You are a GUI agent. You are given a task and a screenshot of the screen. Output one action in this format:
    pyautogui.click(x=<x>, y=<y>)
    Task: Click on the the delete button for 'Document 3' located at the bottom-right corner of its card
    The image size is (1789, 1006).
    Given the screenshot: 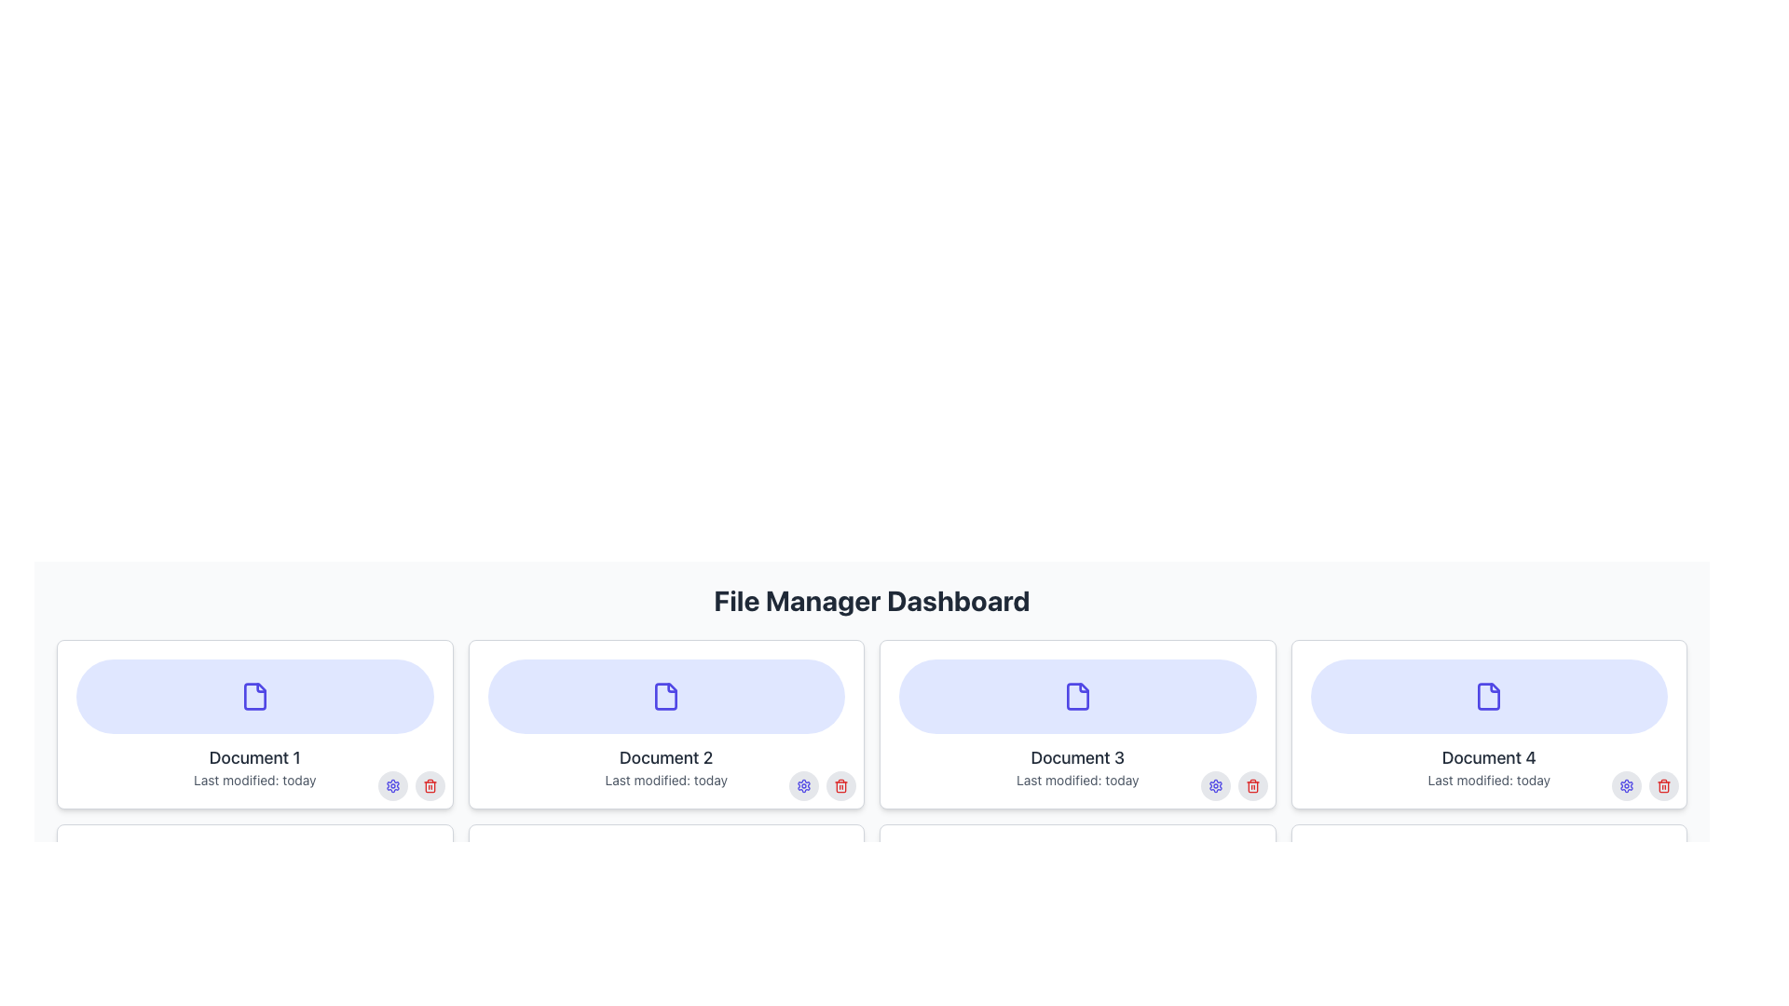 What is the action you would take?
    pyautogui.click(x=1252, y=786)
    